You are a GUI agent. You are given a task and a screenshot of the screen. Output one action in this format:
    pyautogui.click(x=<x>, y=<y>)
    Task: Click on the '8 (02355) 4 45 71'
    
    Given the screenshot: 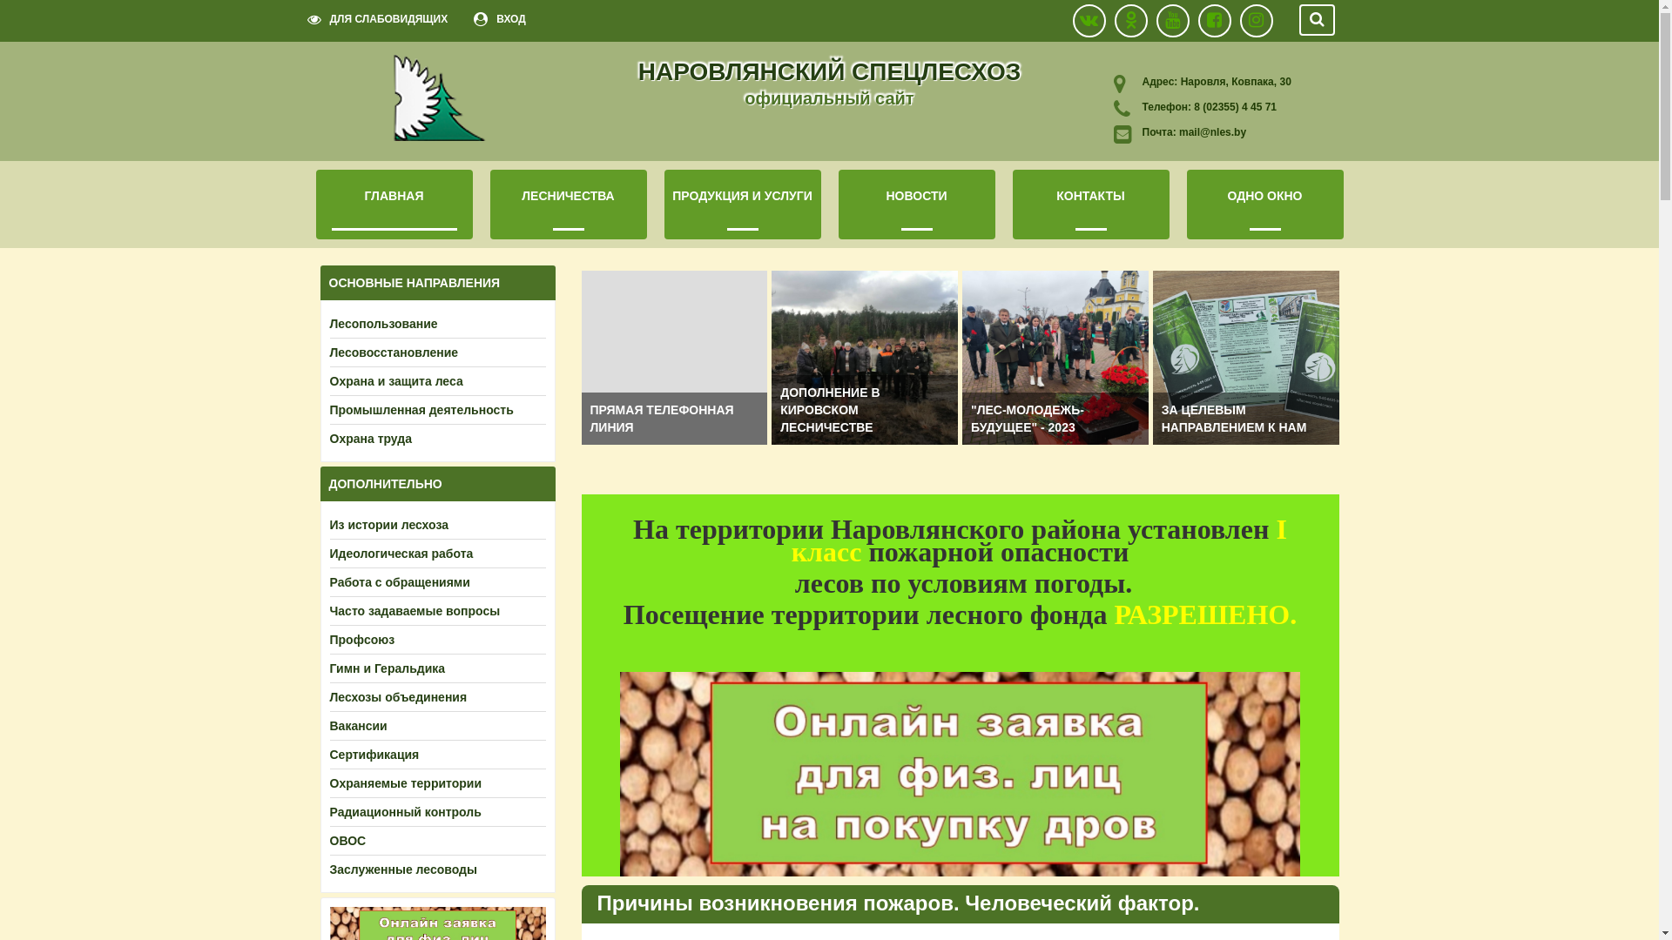 What is the action you would take?
    pyautogui.click(x=1232, y=107)
    